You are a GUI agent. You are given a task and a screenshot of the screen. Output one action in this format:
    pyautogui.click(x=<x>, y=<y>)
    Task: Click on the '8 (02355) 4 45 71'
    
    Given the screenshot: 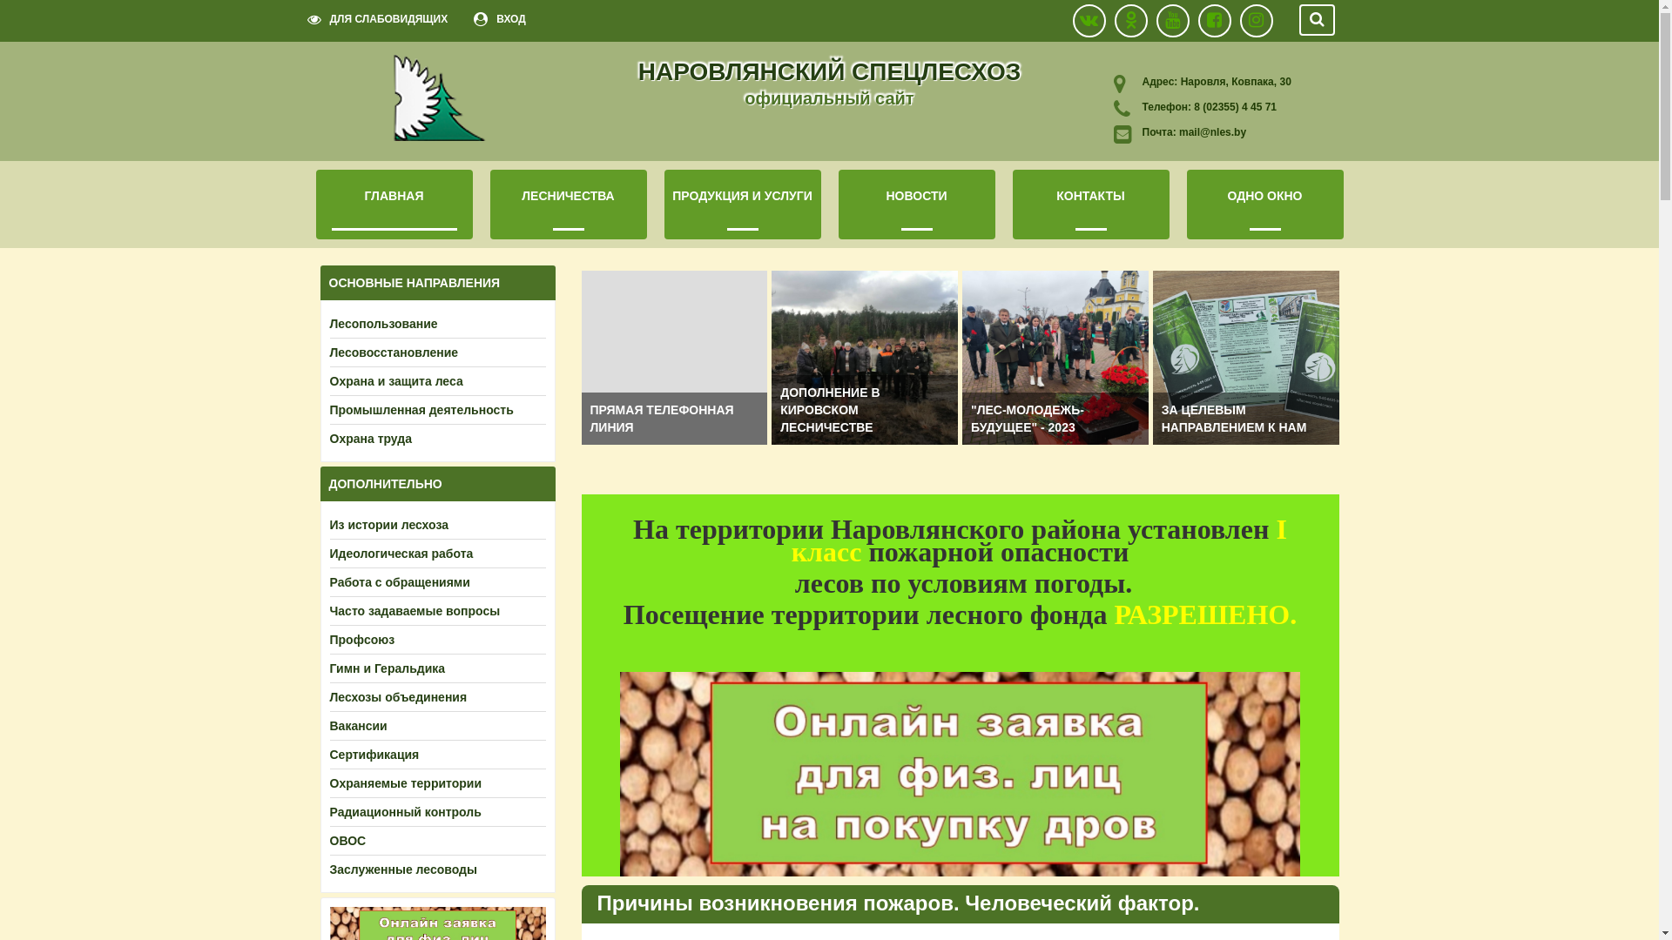 What is the action you would take?
    pyautogui.click(x=1232, y=107)
    